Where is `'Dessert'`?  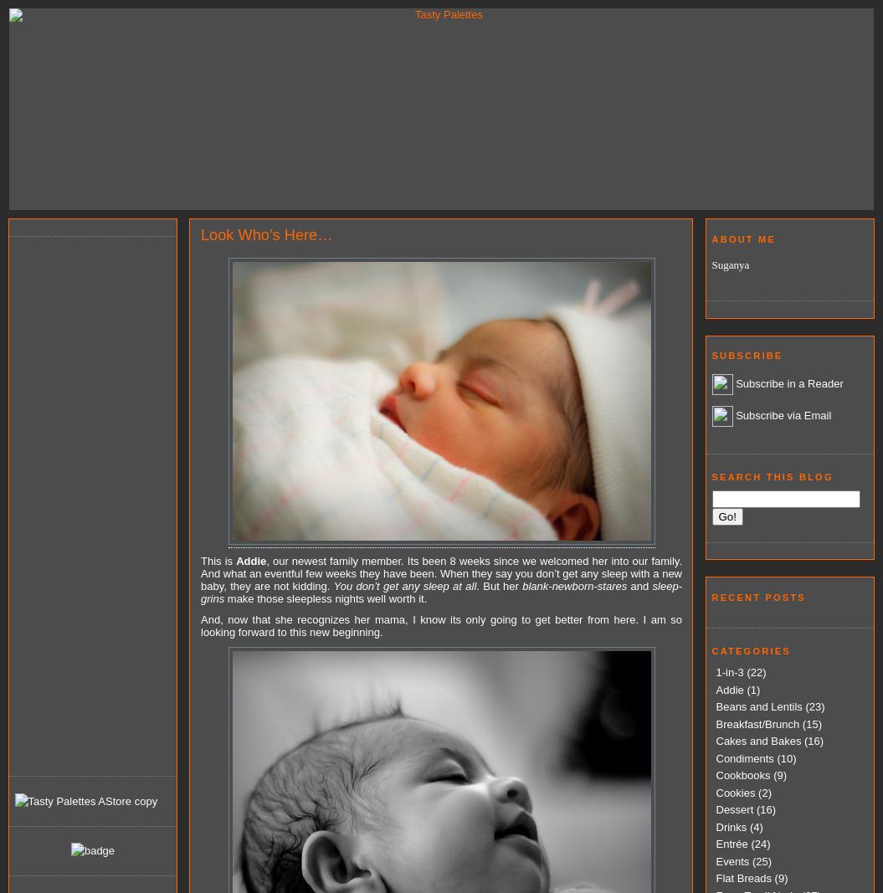
'Dessert' is located at coordinates (734, 809).